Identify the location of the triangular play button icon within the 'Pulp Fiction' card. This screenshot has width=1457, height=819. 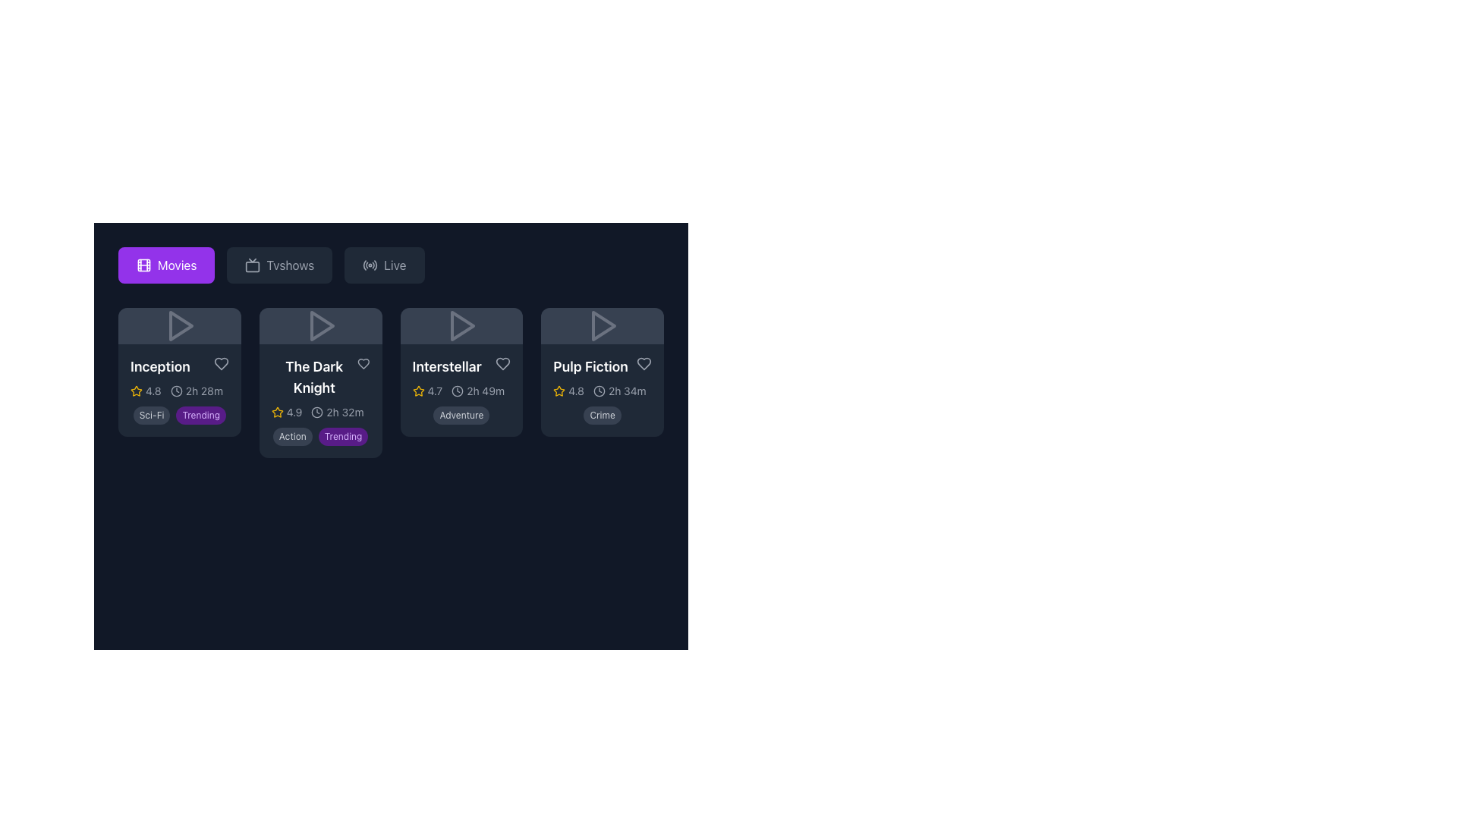
(602, 325).